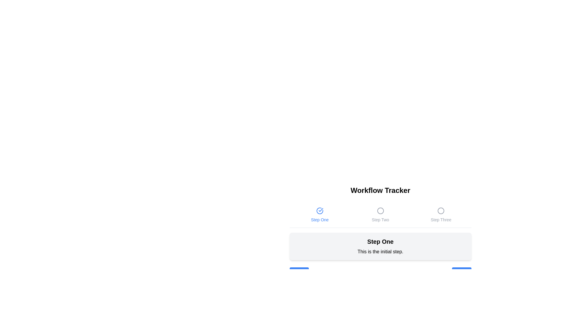 This screenshot has height=323, width=574. What do you see at coordinates (441, 211) in the screenshot?
I see `the unselected SVG Circle that indicates the third step in the workflow tracking interface, positioned to the far right of the other step indicators below the 'Workflow Tracker' heading and above the 'Step Three' label` at bounding box center [441, 211].